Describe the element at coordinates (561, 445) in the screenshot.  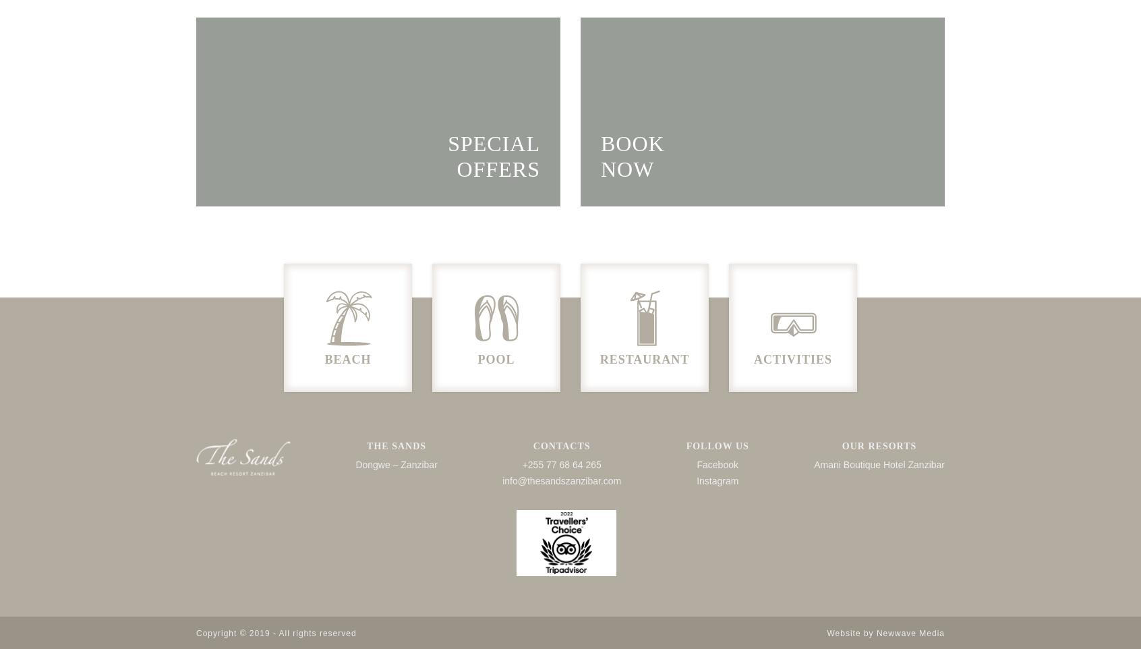
I see `'CONTACTS'` at that location.